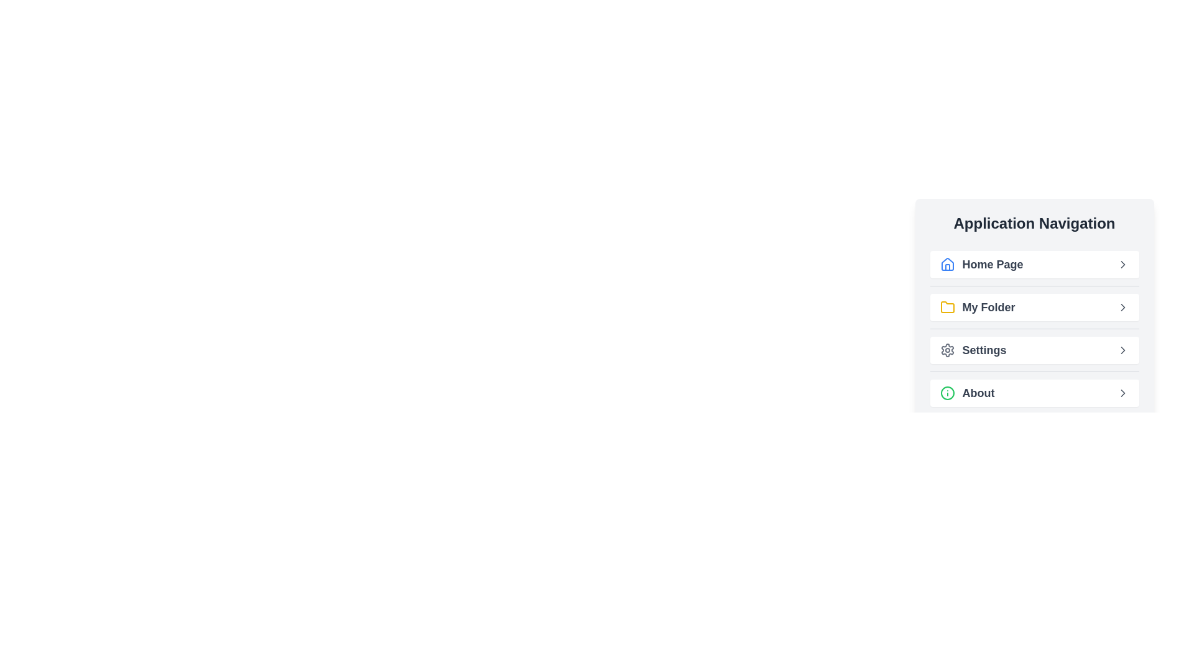 The height and width of the screenshot is (671, 1194). I want to click on the first navigation item in the vertical list, so click(1034, 263).